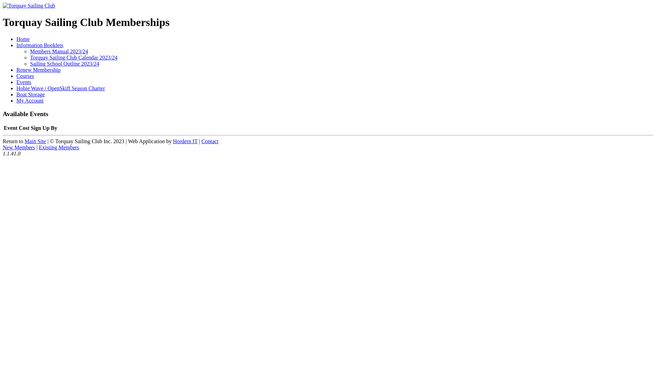 This screenshot has height=369, width=656. Describe the element at coordinates (29, 51) in the screenshot. I see `'Members Manual 2023/24'` at that location.